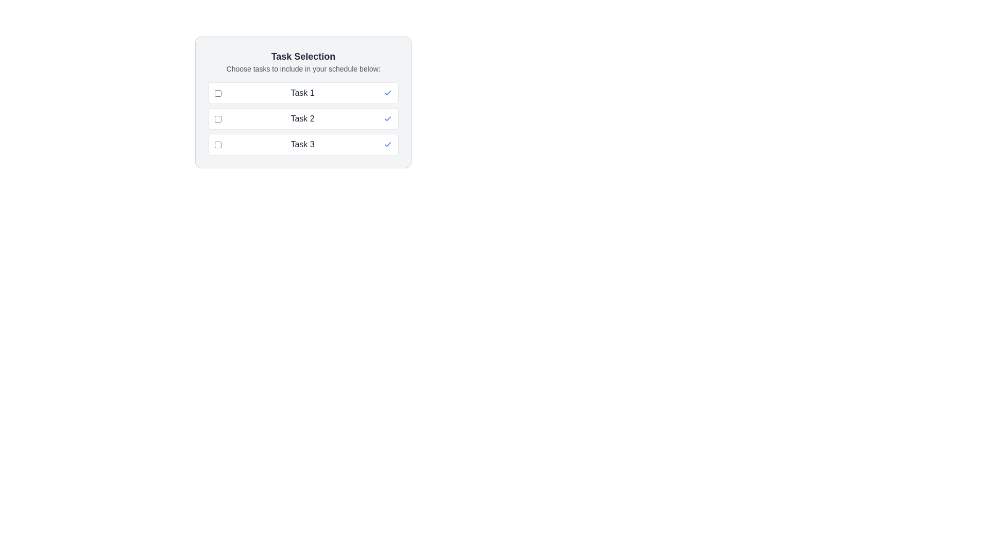 This screenshot has height=556, width=989. I want to click on the checkbox with a blue border in the third row of the task selection list, so click(217, 145).